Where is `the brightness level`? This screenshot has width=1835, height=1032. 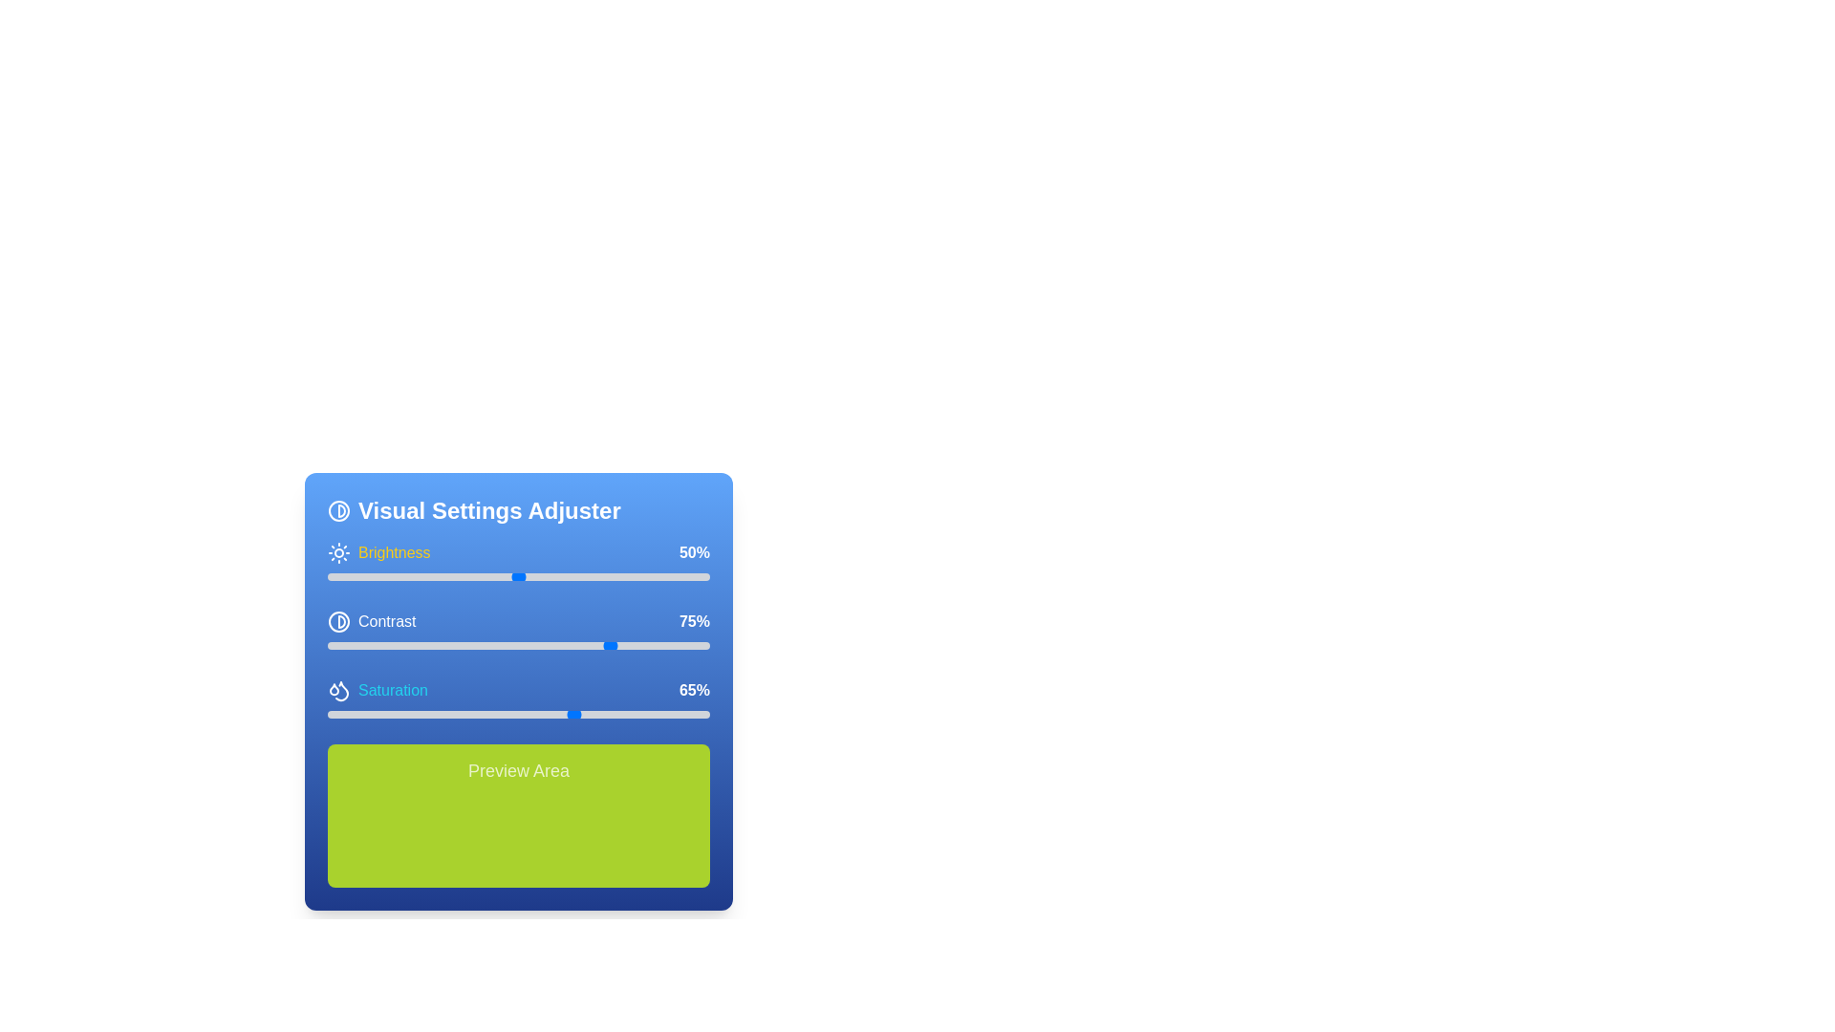
the brightness level is located at coordinates (357, 576).